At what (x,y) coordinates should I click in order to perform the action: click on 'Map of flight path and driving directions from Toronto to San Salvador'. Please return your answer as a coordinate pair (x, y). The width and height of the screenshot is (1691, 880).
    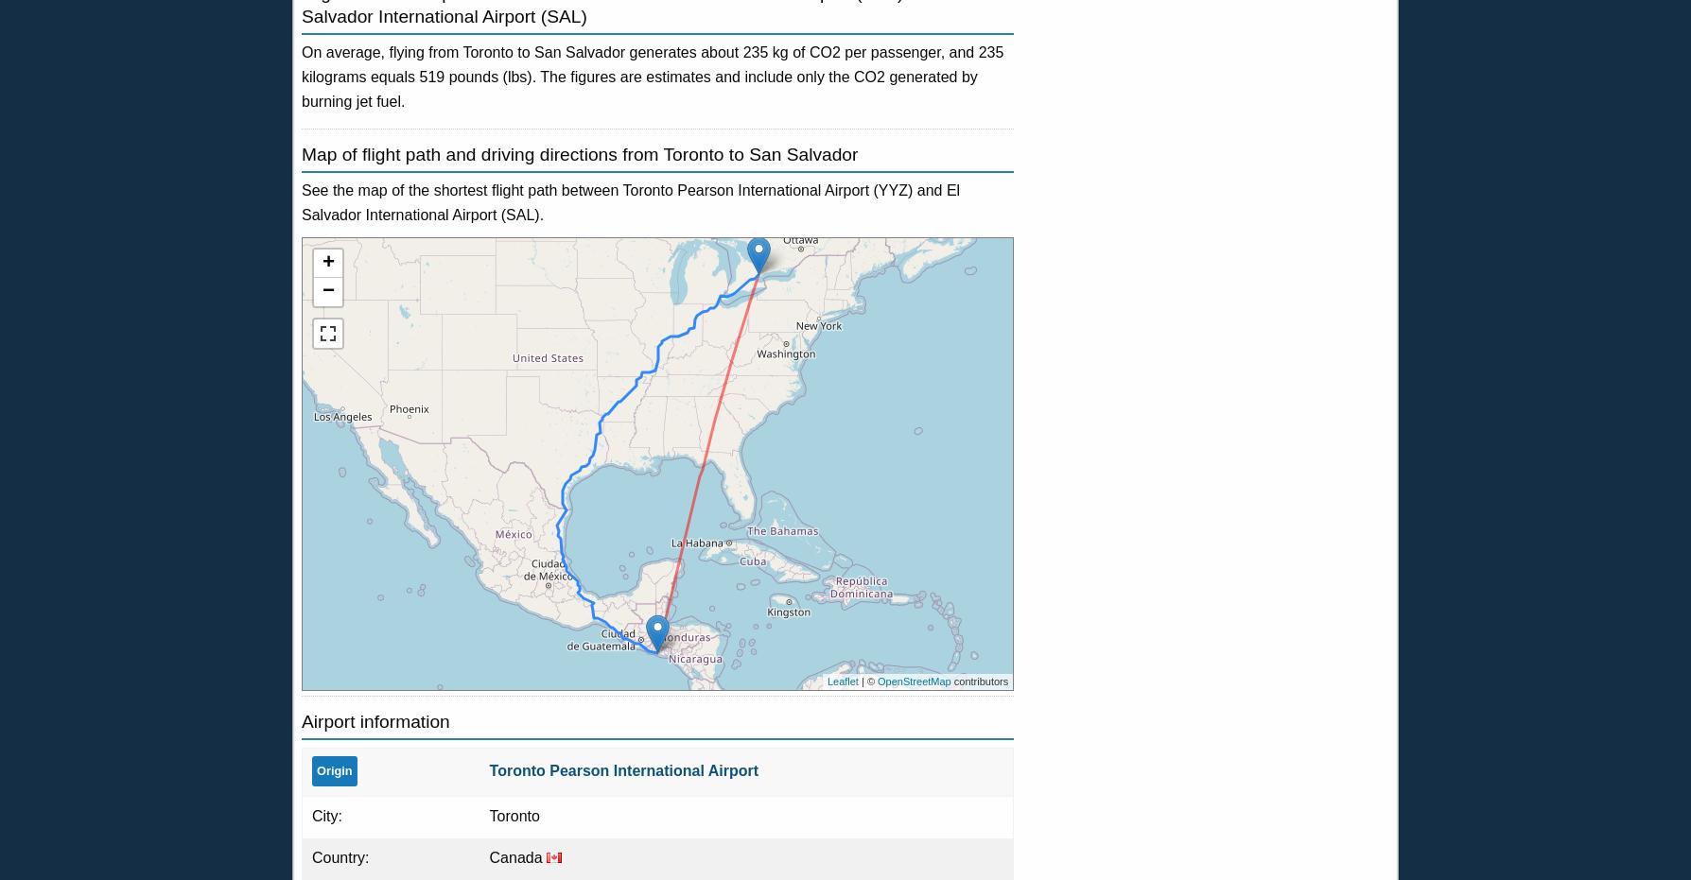
    Looking at the image, I should click on (579, 153).